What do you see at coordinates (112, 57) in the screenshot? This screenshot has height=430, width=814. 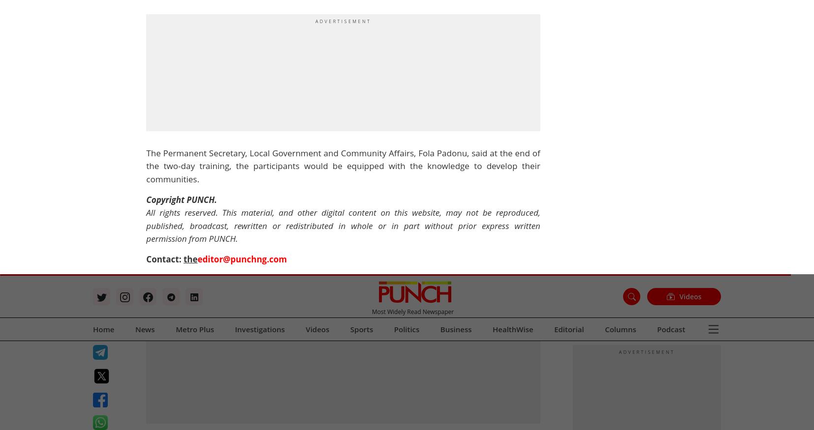 I see `'Business & Economy'` at bounding box center [112, 57].